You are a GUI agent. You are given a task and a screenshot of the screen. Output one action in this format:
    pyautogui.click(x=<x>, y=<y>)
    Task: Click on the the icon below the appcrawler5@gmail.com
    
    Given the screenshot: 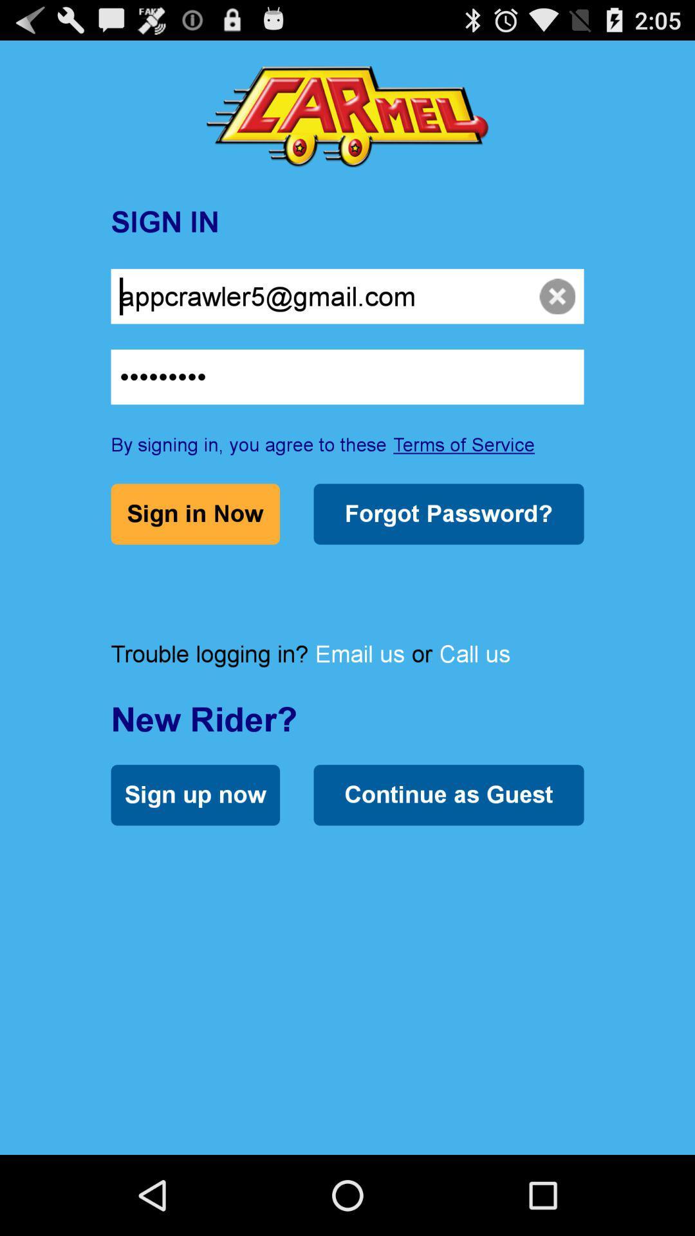 What is the action you would take?
    pyautogui.click(x=347, y=376)
    